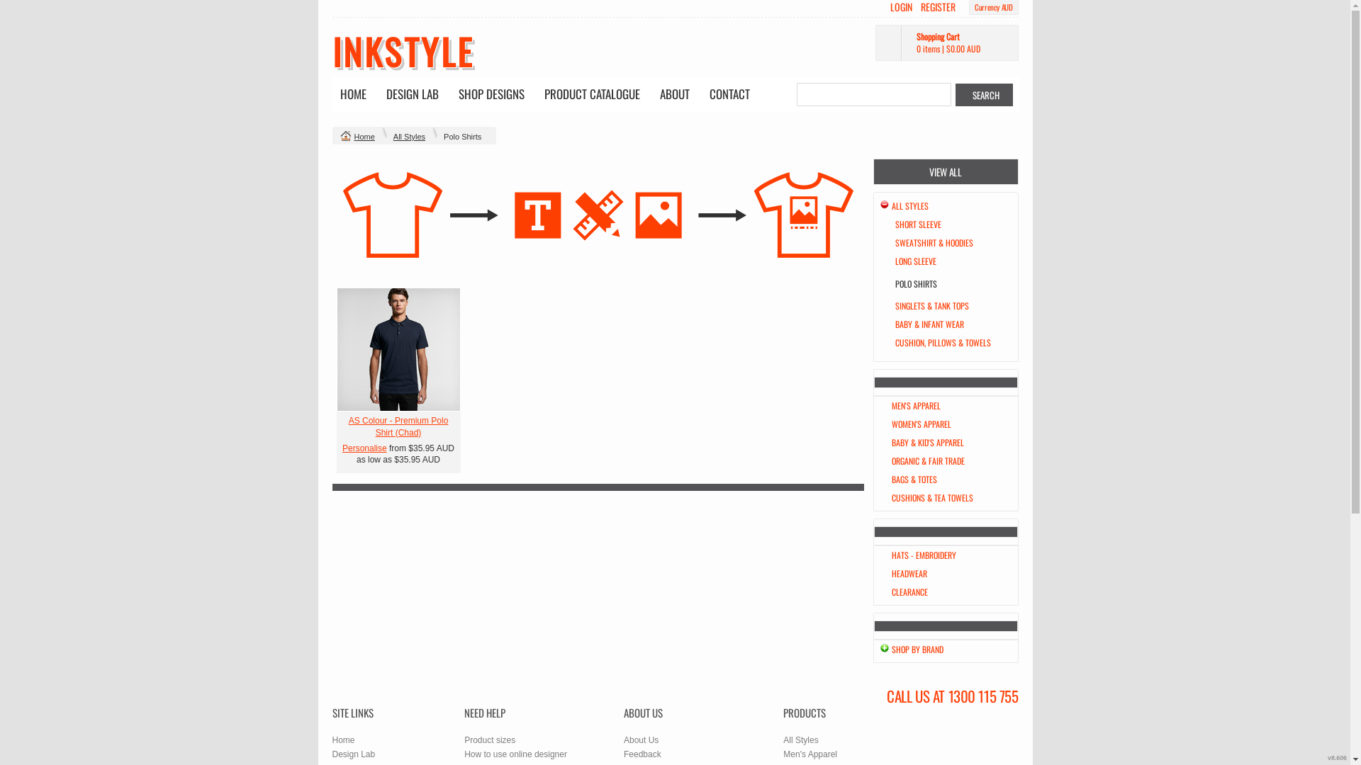 This screenshot has height=765, width=1361. What do you see at coordinates (397, 349) in the screenshot?
I see `' '` at bounding box center [397, 349].